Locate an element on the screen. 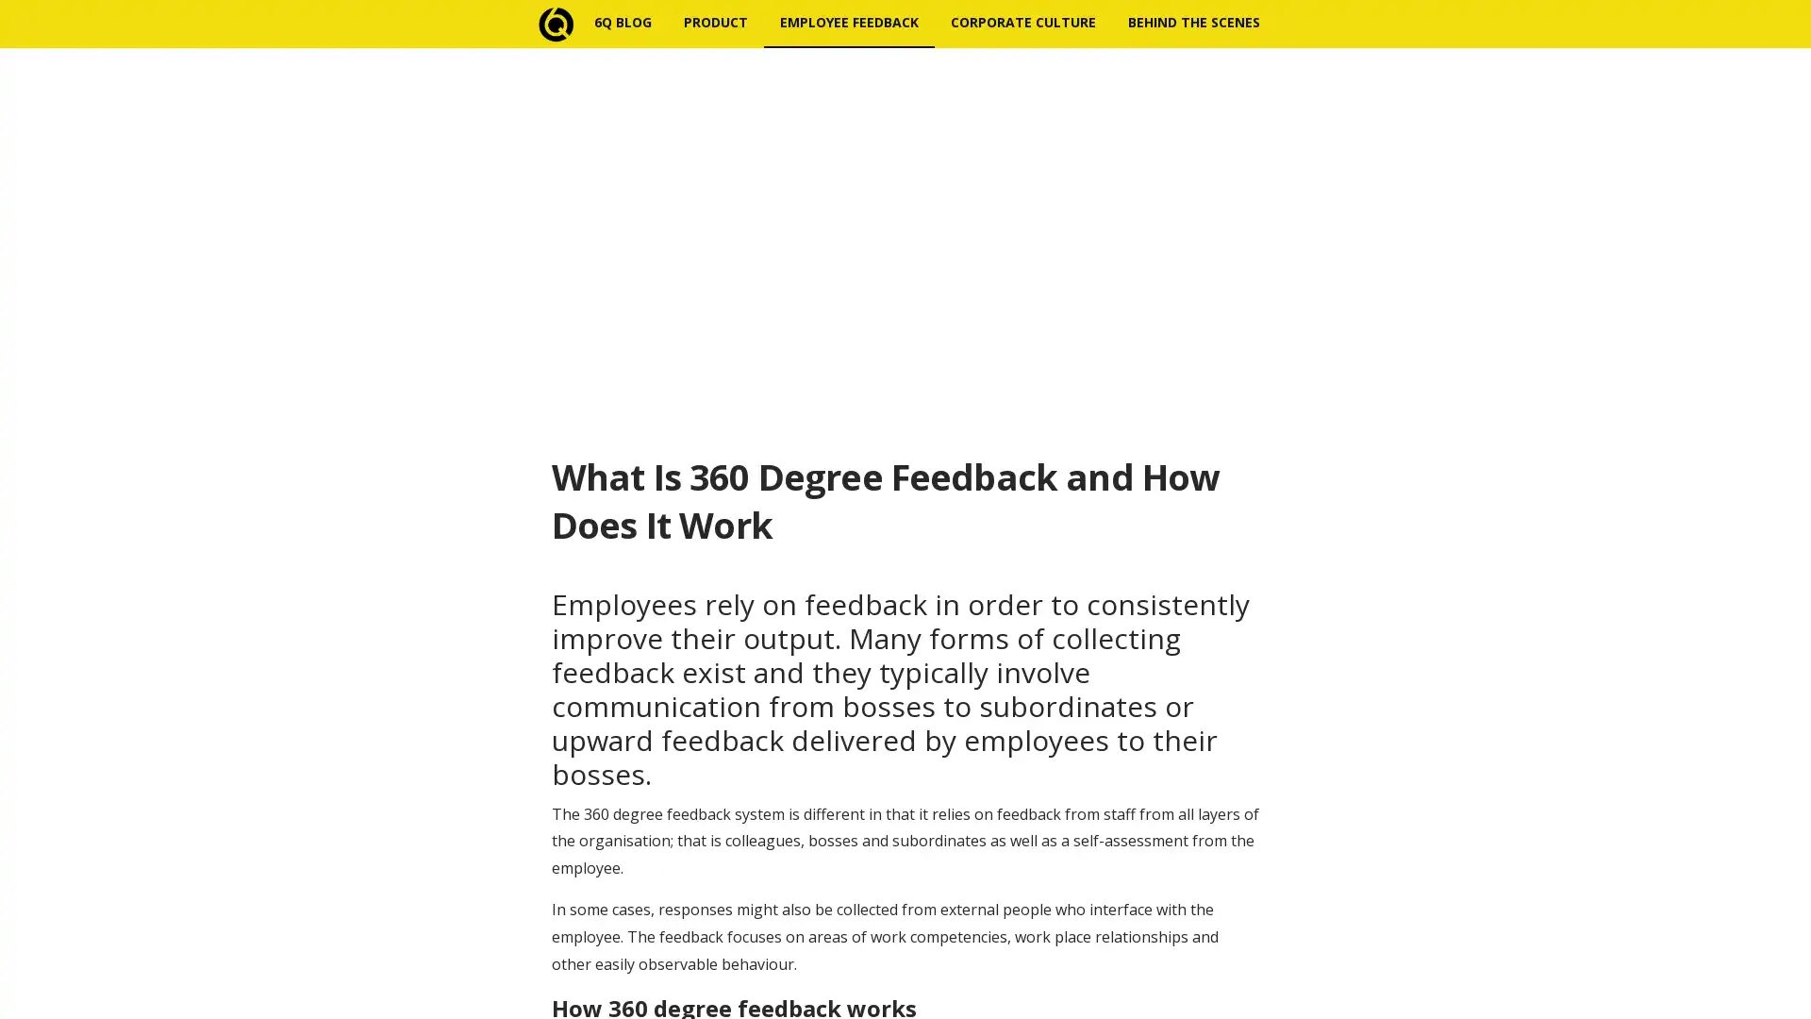 This screenshot has width=1811, height=1019. Subscribe is located at coordinates (1113, 992).